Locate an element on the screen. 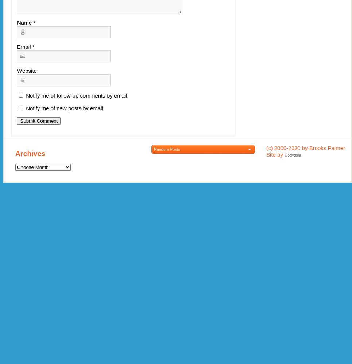 Image resolution: width=352 pixels, height=364 pixels. 'Archives' is located at coordinates (30, 153).